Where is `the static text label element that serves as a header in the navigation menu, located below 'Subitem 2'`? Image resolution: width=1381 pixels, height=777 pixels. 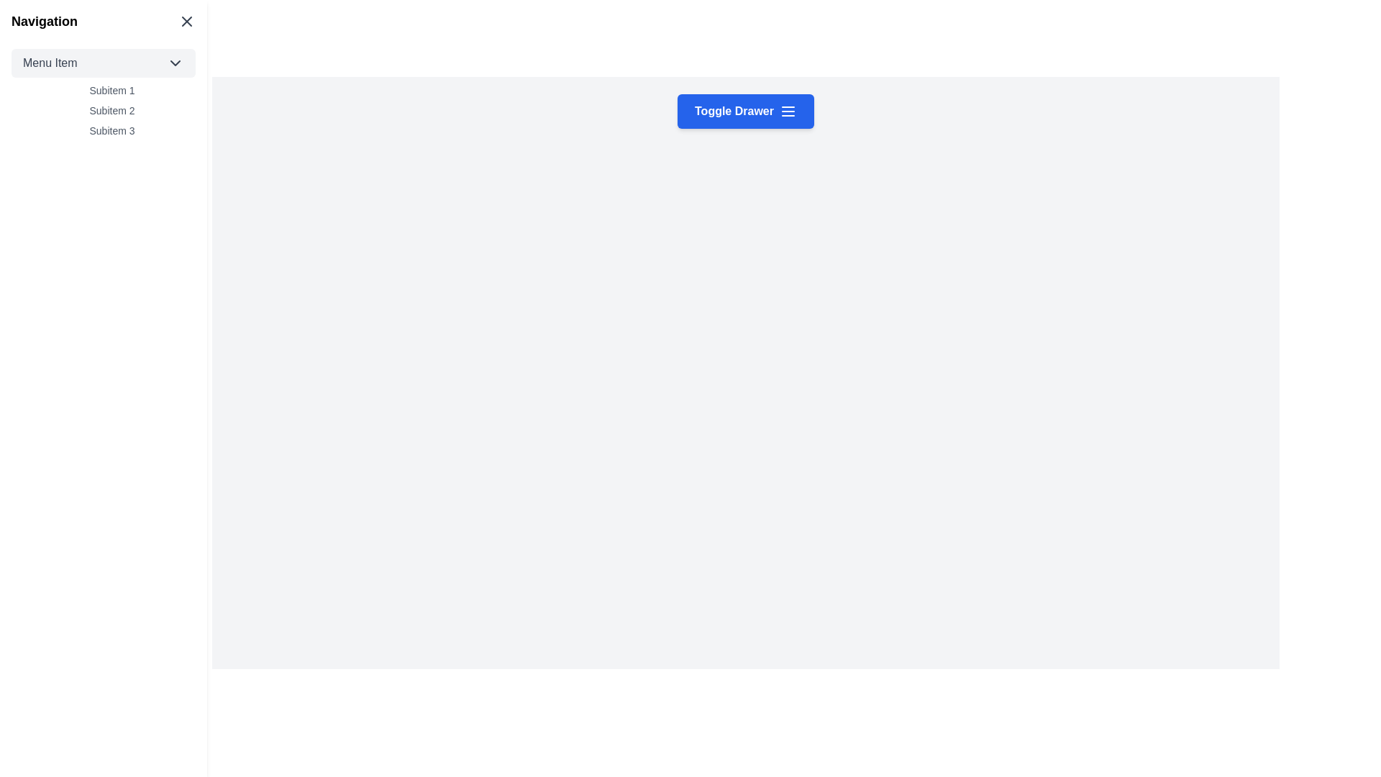 the static text label element that serves as a header in the navigation menu, located below 'Subitem 2' is located at coordinates (111, 130).